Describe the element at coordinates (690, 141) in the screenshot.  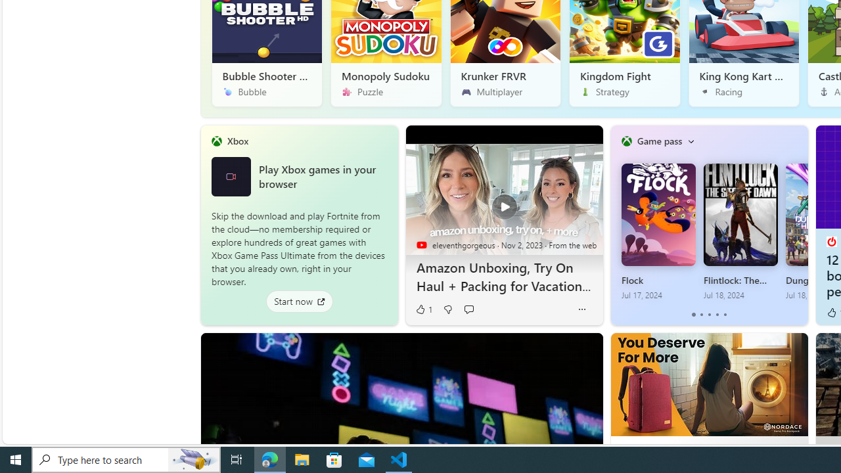
I see `'Class: icon-img'` at that location.